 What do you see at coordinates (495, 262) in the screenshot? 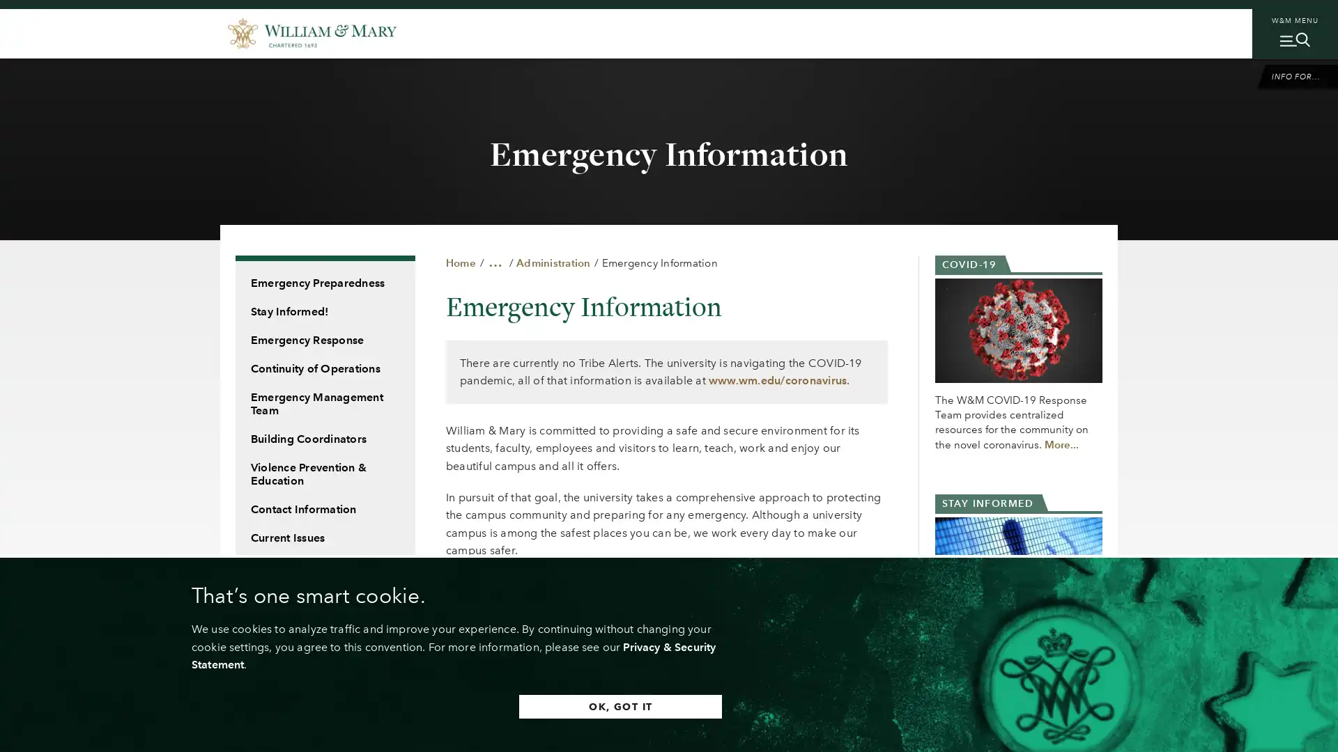
I see `...` at bounding box center [495, 262].